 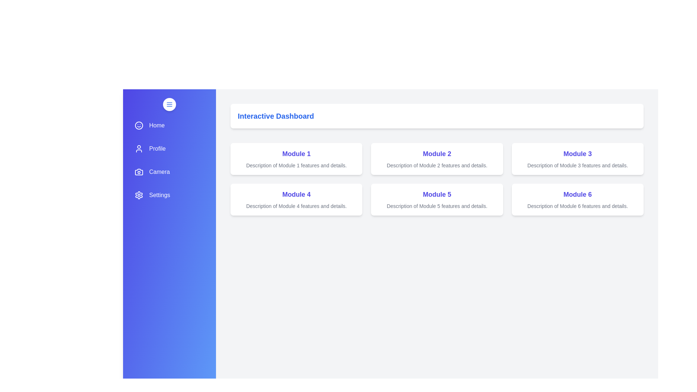 What do you see at coordinates (159, 195) in the screenshot?
I see `the 'Settings' text label in the vertical navigation menu, which is the fourth item and is located below the gear icon` at bounding box center [159, 195].